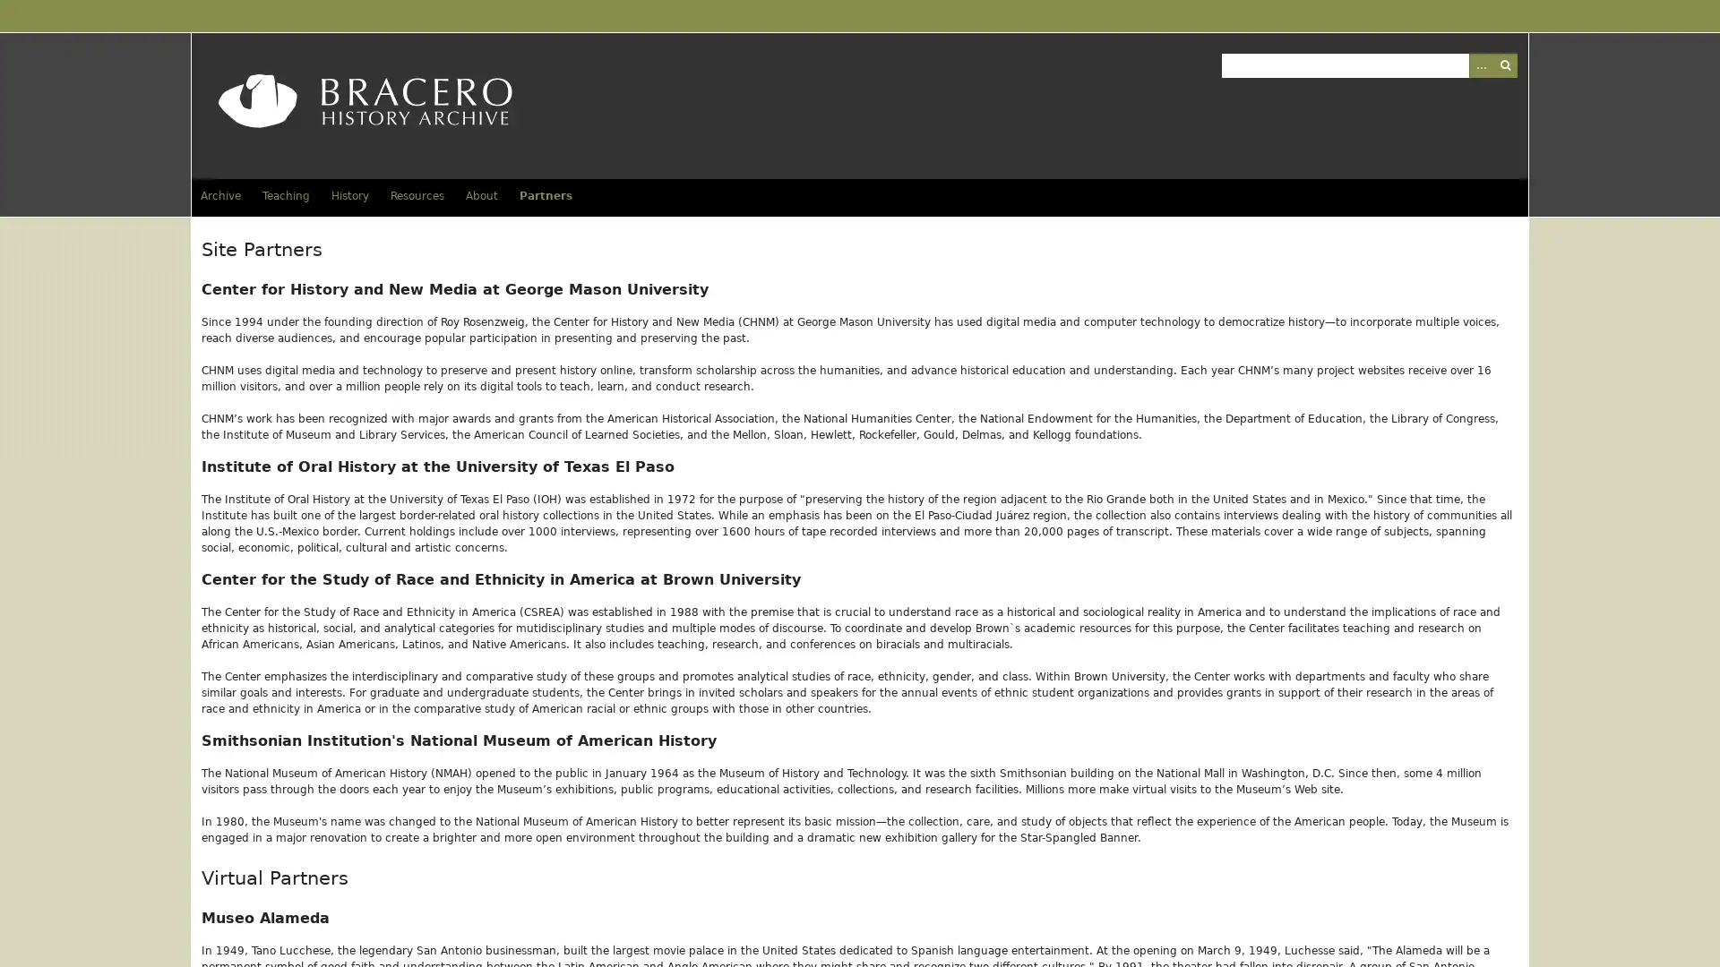 The width and height of the screenshot is (1720, 967). I want to click on Search, so click(1504, 64).